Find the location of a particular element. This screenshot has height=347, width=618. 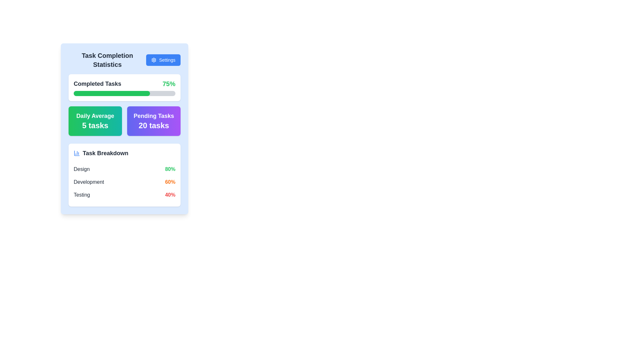

the blue 'Settings' button with a gear icon is located at coordinates (163, 60).